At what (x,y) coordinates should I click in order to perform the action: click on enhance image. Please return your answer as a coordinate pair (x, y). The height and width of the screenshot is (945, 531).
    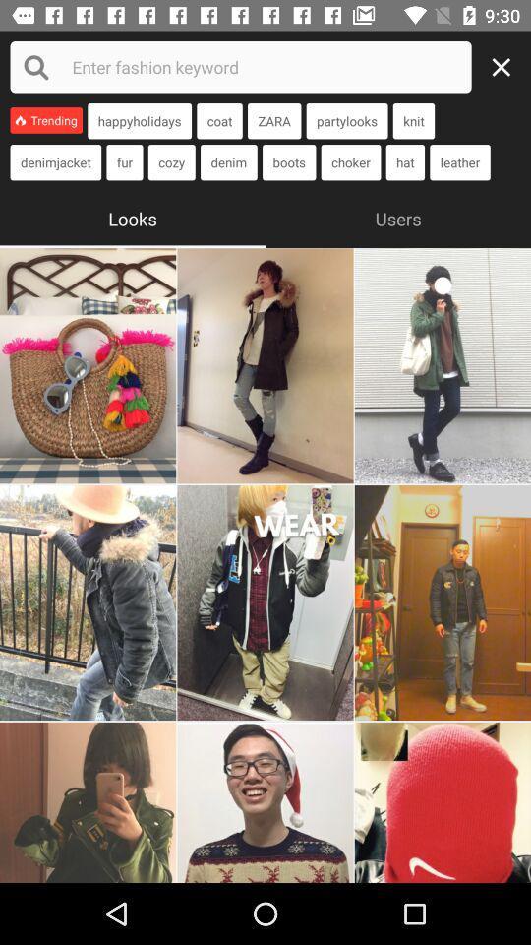
    Looking at the image, I should click on (265, 364).